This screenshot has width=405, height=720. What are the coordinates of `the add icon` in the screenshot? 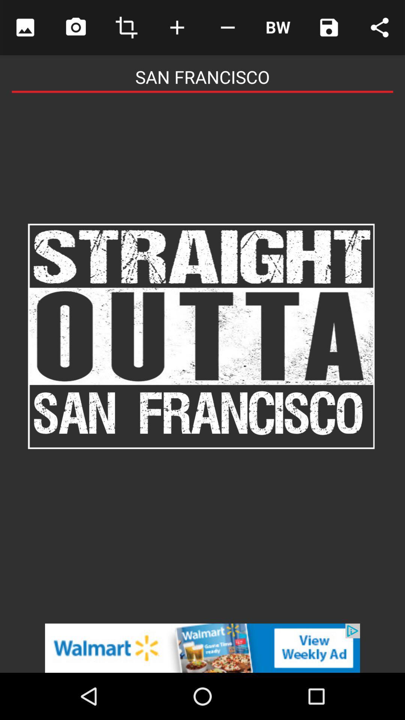 It's located at (177, 27).